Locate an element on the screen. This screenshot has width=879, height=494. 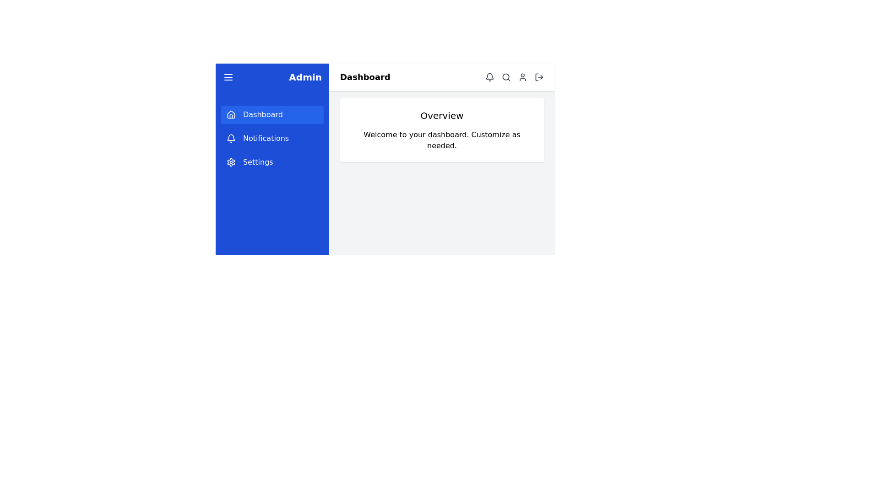
the 'Notifications' icon is located at coordinates (231, 139).